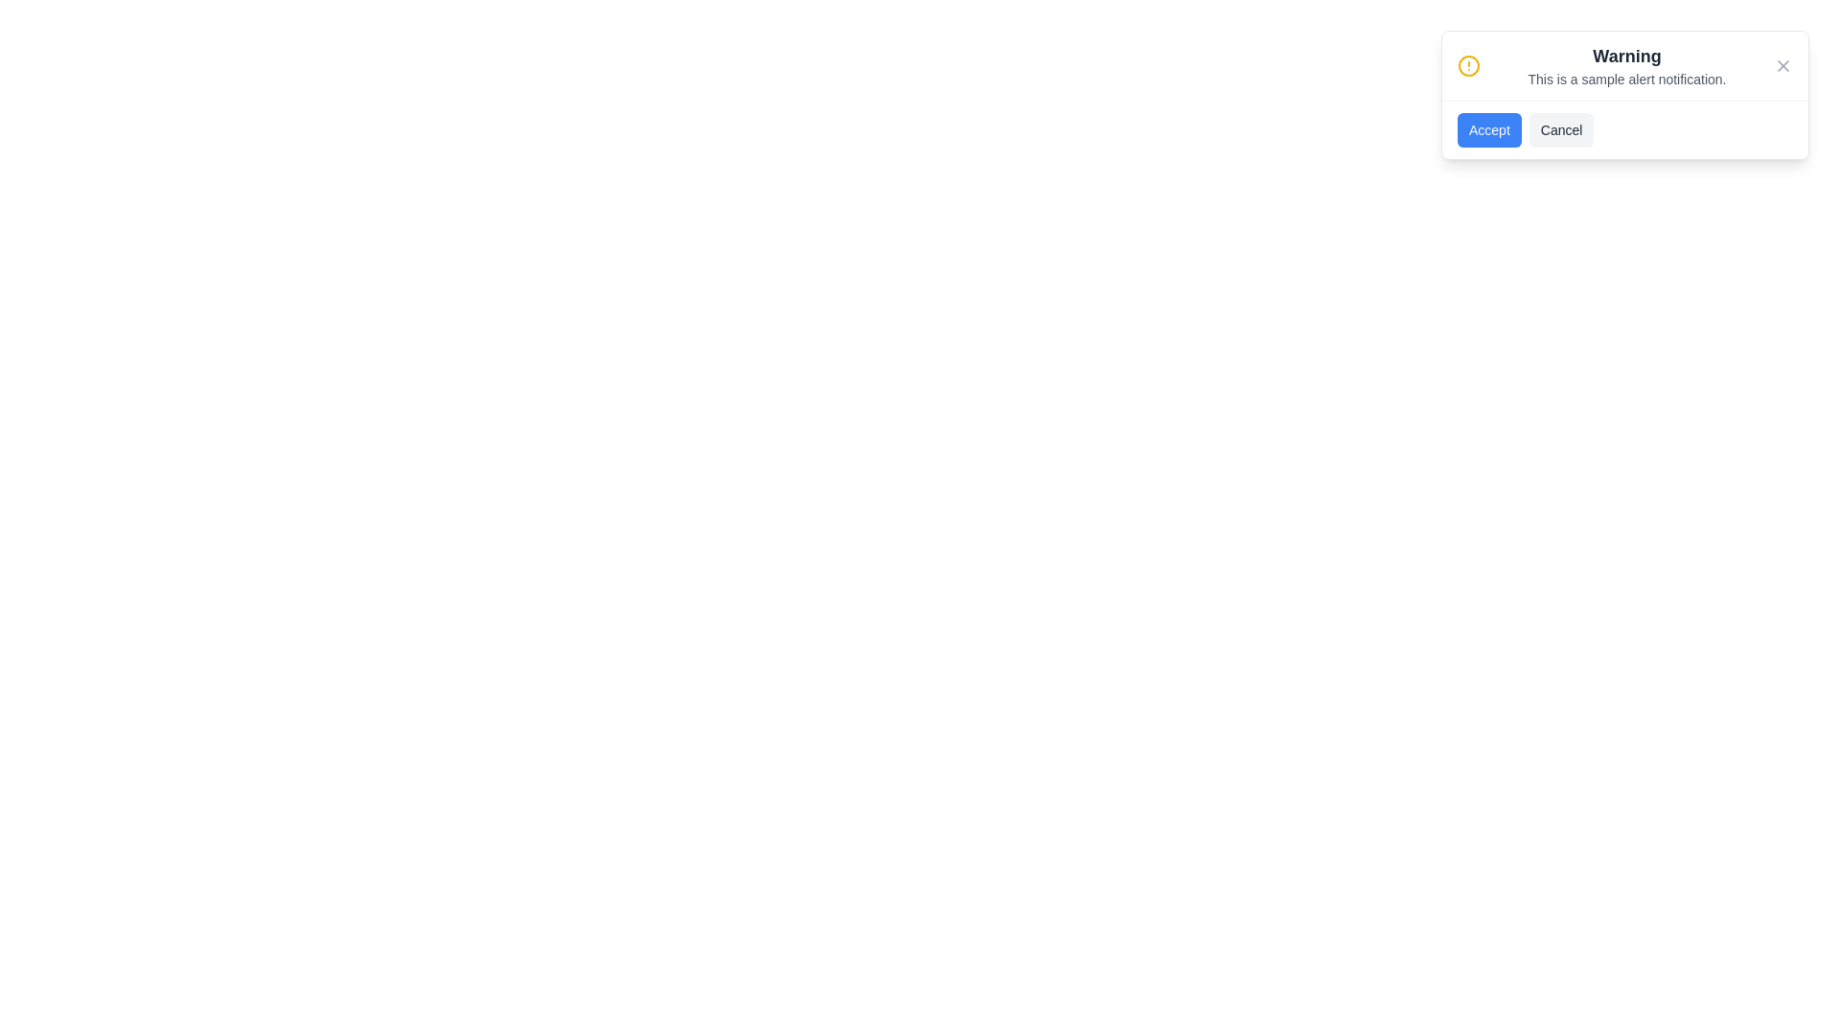  I want to click on the 'Accept' button, which has a blue background and white text, positioned at the bottom edge of a notification dialog, so click(1488, 129).